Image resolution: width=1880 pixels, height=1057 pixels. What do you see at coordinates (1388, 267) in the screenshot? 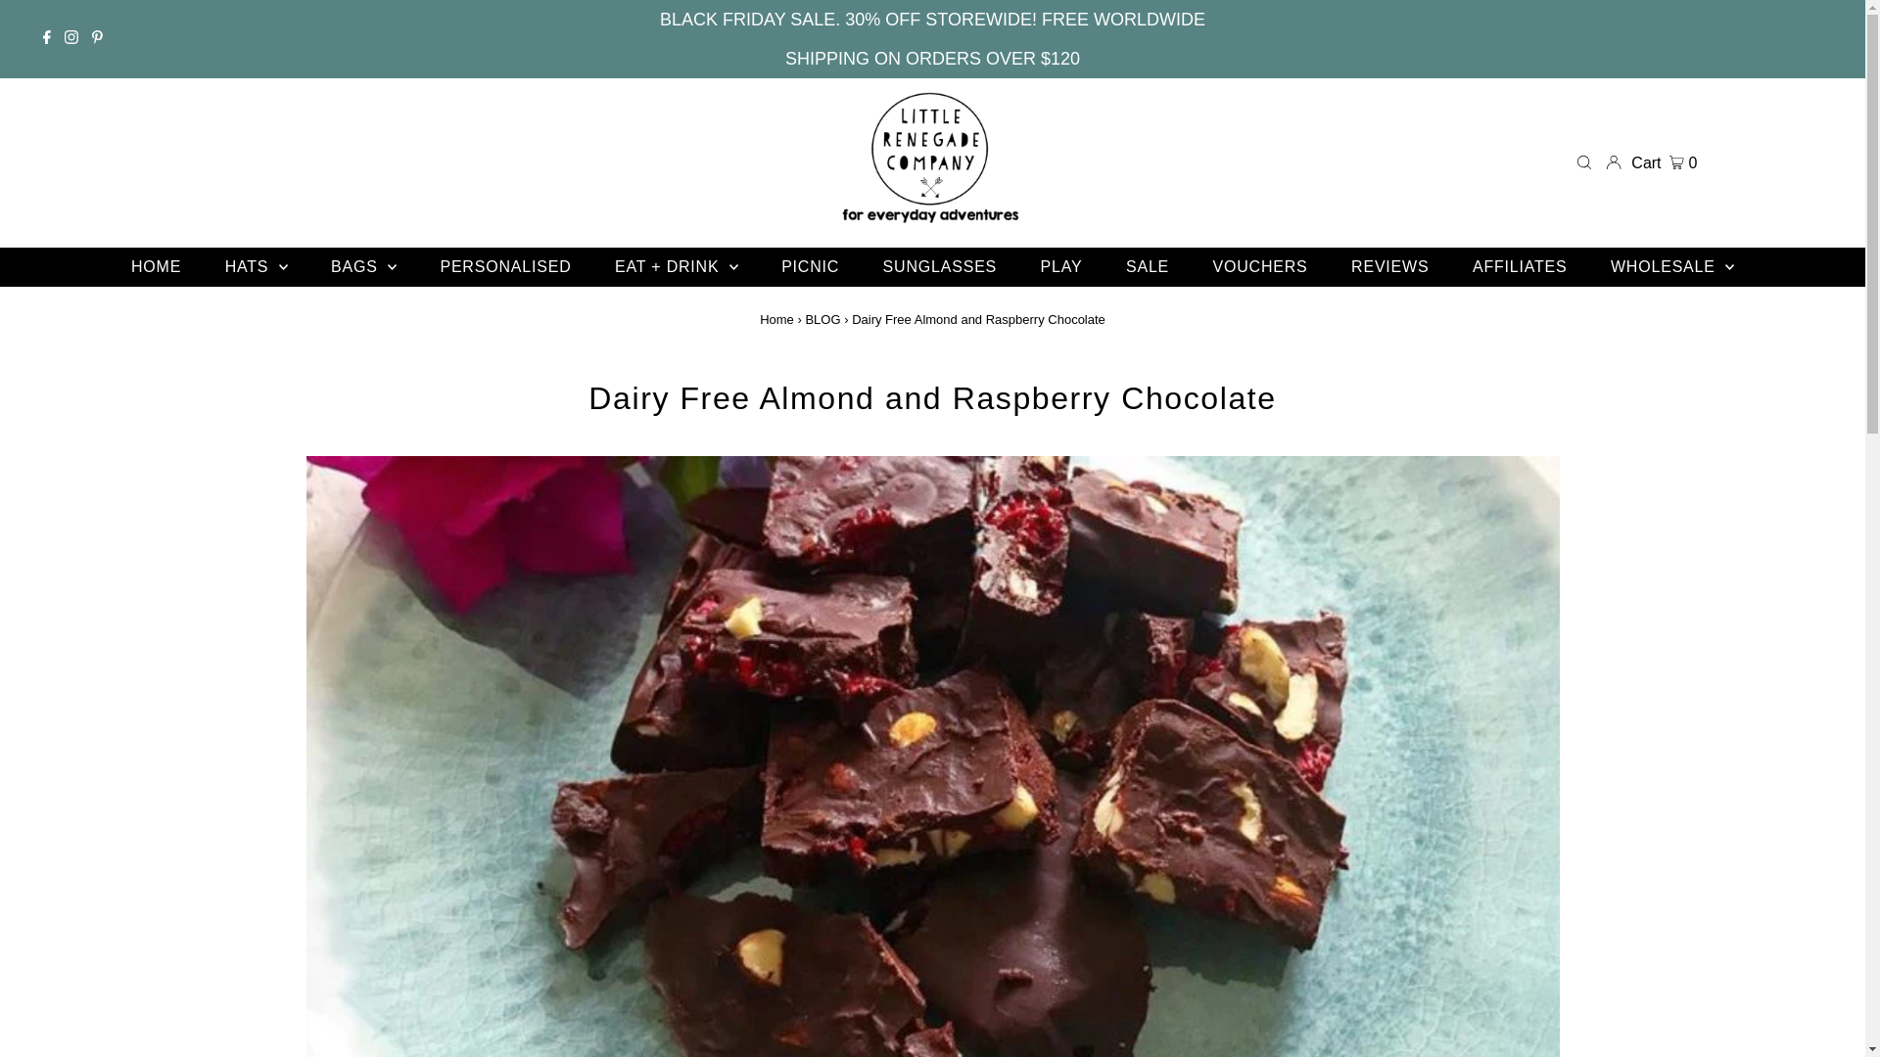
I see `'REVIEWS'` at bounding box center [1388, 267].